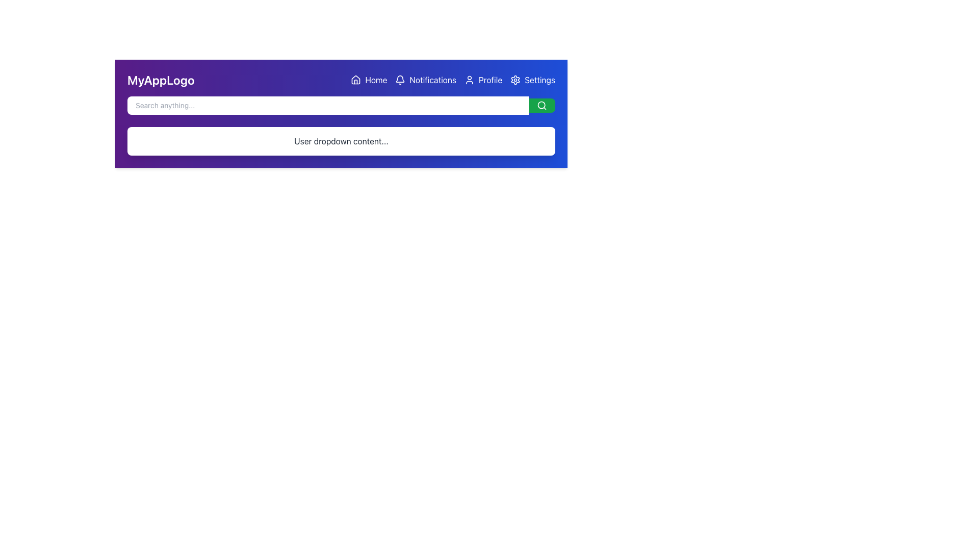 This screenshot has width=979, height=551. Describe the element at coordinates (469, 80) in the screenshot. I see `the 'Profile' icon in the navigation bar, which is positioned between the 'Notifications' icon and the 'Settings' icon` at that location.